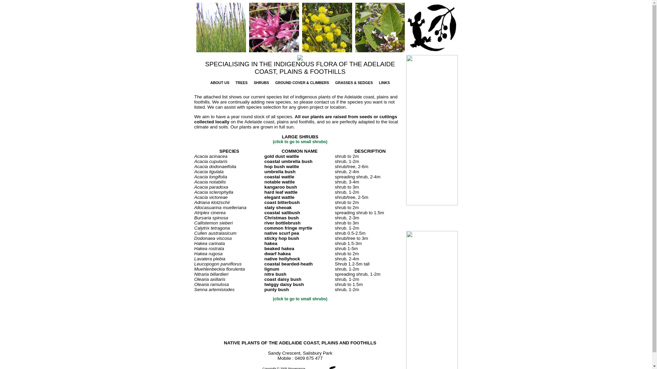 This screenshot has height=369, width=657. Describe the element at coordinates (353, 82) in the screenshot. I see `'GRASSES & SEDGES'` at that location.